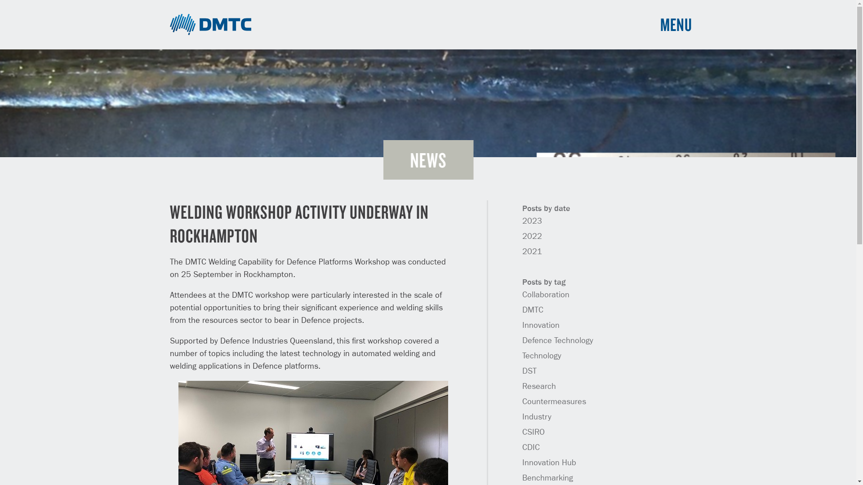 The width and height of the screenshot is (863, 485). Describe the element at coordinates (547, 477) in the screenshot. I see `'Benchmarking'` at that location.